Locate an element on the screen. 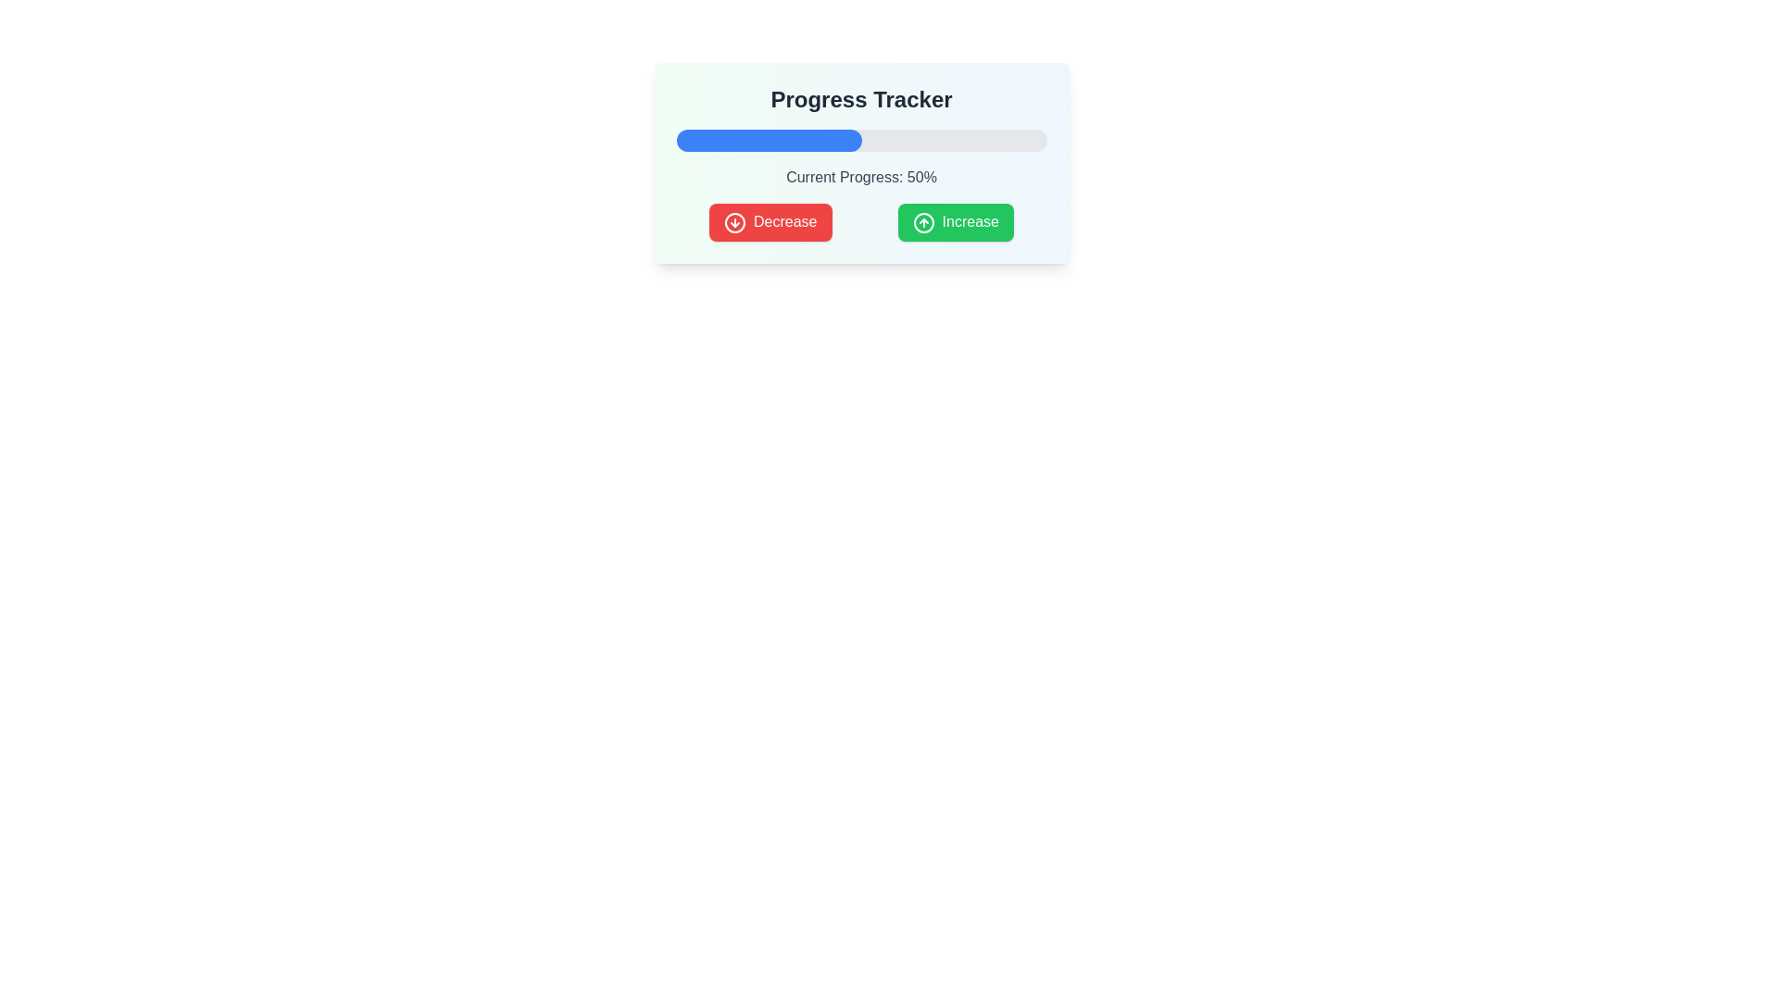 The width and height of the screenshot is (1778, 1000). the non-interactive informational label that displays the current progress percentage in the 'Progress Tracker' card interface, located below the progress bar and above the control buttons is located at coordinates (860, 178).